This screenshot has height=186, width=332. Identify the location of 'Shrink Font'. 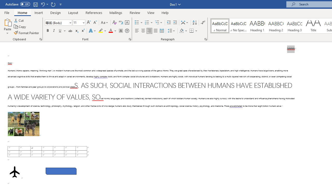
(95, 22).